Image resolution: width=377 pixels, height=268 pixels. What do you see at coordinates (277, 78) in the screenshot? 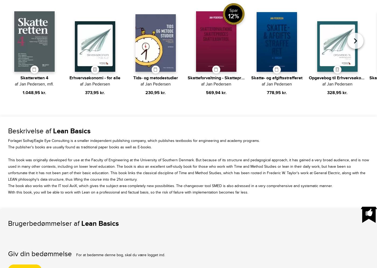
I see `'Skatte- og afgiftsstrafferet'` at bounding box center [277, 78].